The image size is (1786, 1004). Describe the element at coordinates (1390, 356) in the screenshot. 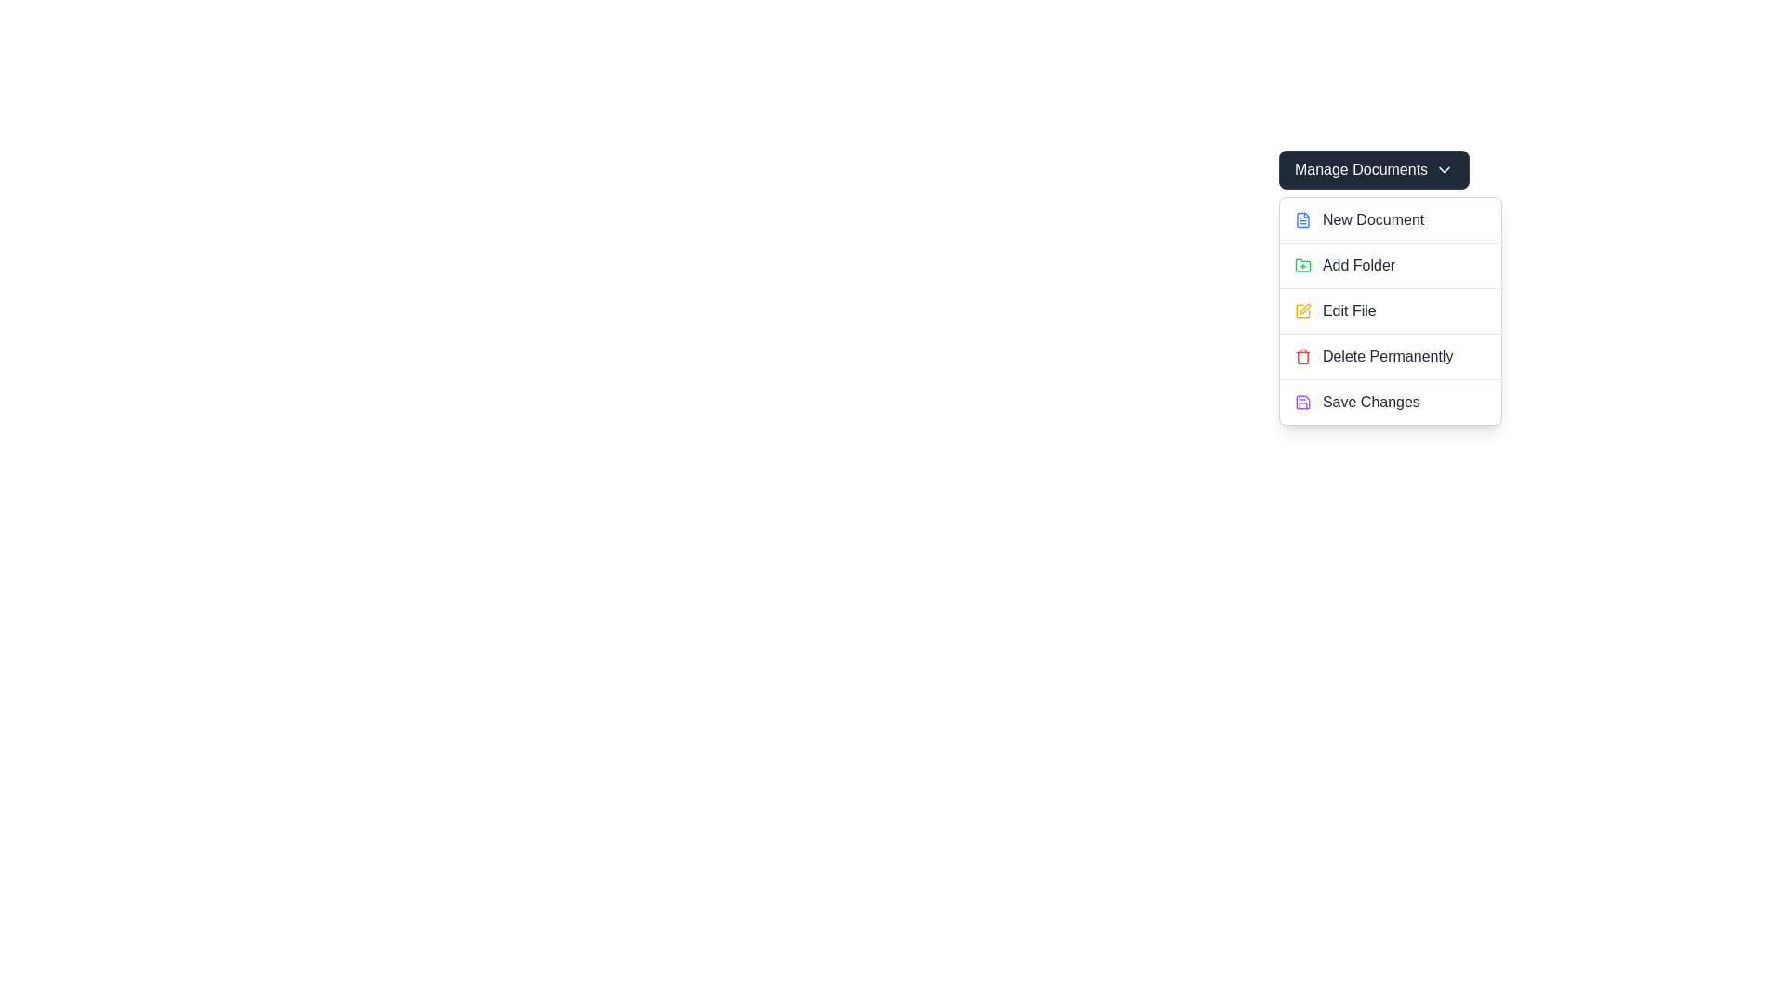

I see `the 'Delete Permanently' button located in the 'Manage Documents' dropdown menu` at that location.